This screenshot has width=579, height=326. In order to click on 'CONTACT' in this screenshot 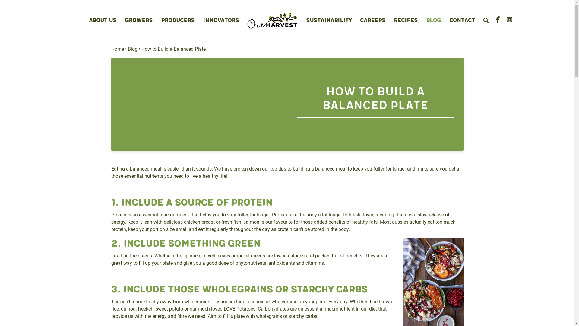, I will do `click(449, 20)`.